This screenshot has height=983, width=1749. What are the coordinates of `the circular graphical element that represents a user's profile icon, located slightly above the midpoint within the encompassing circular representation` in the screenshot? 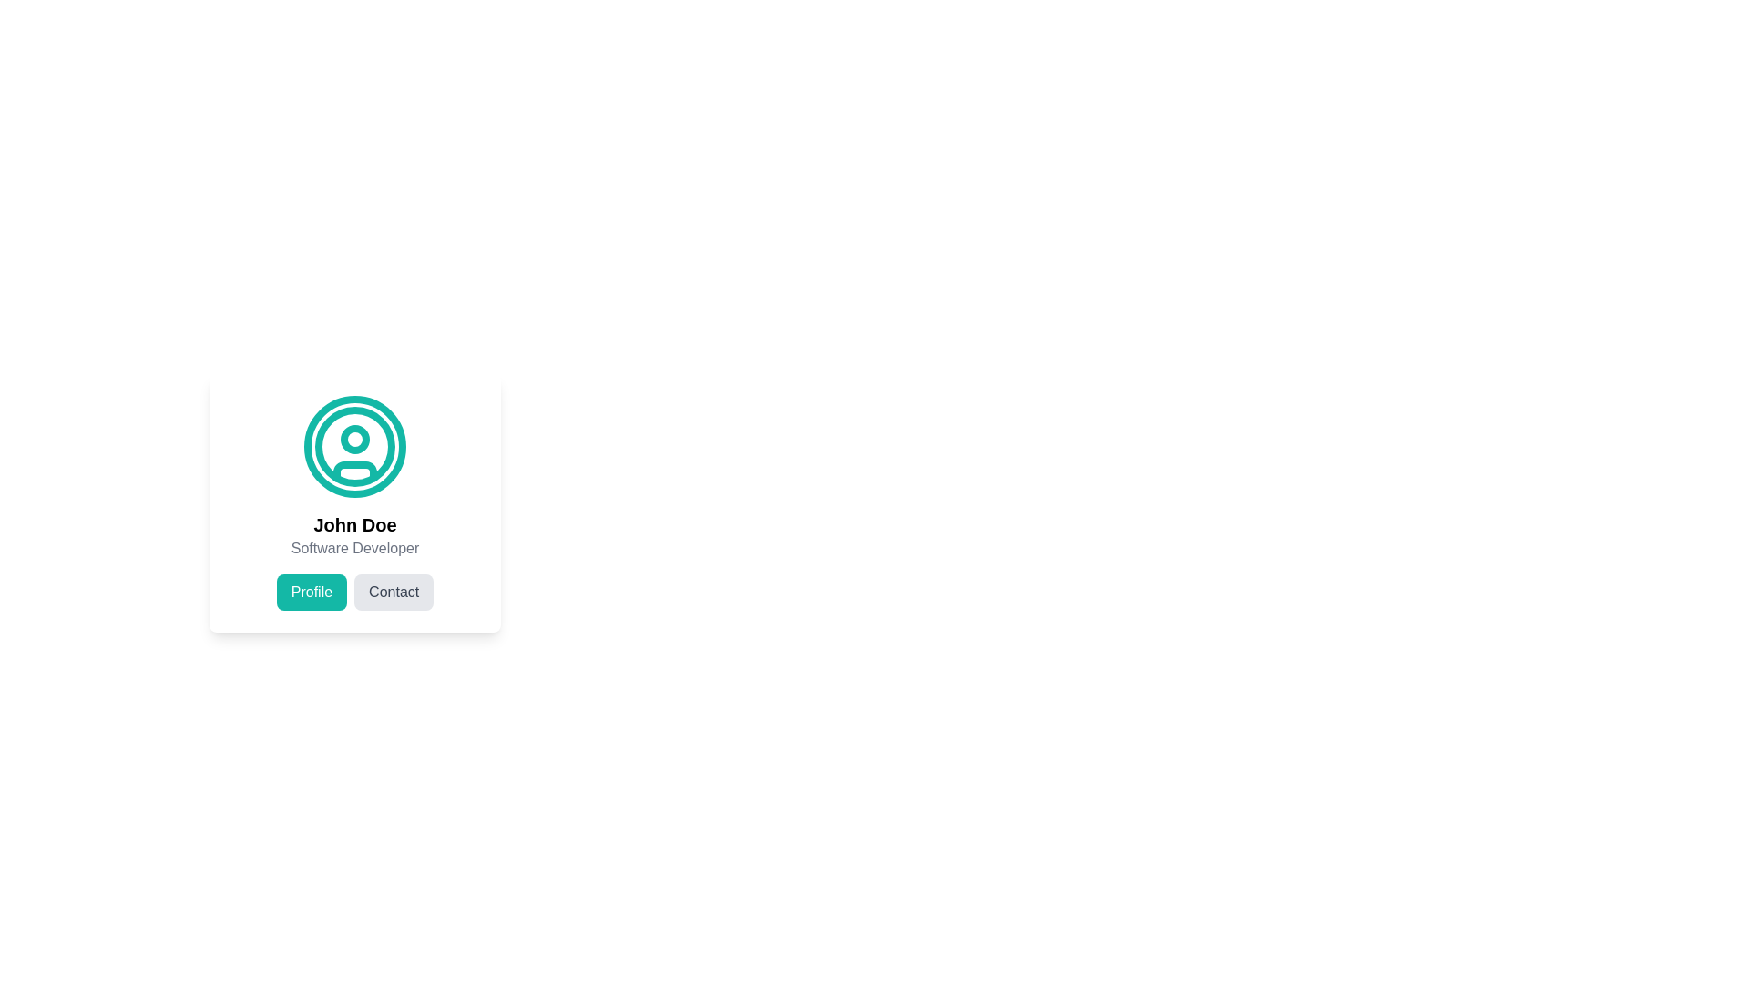 It's located at (354, 439).